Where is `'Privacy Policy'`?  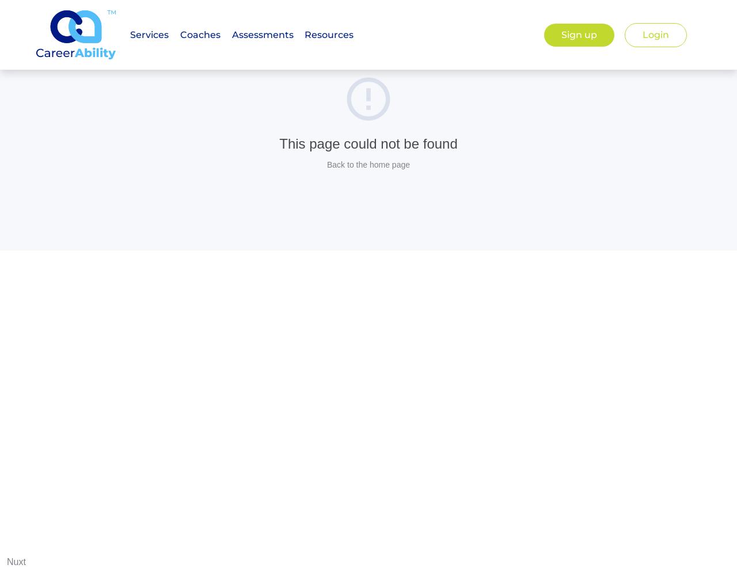
'Privacy Policy' is located at coordinates (416, 181).